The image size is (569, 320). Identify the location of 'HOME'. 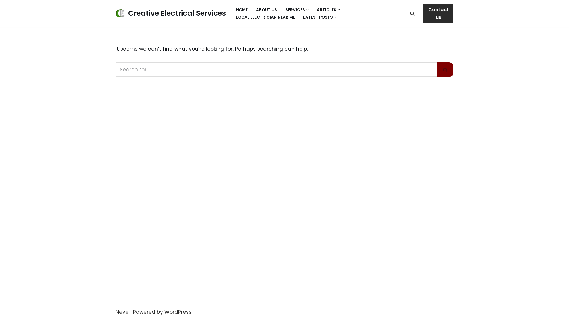
(242, 10).